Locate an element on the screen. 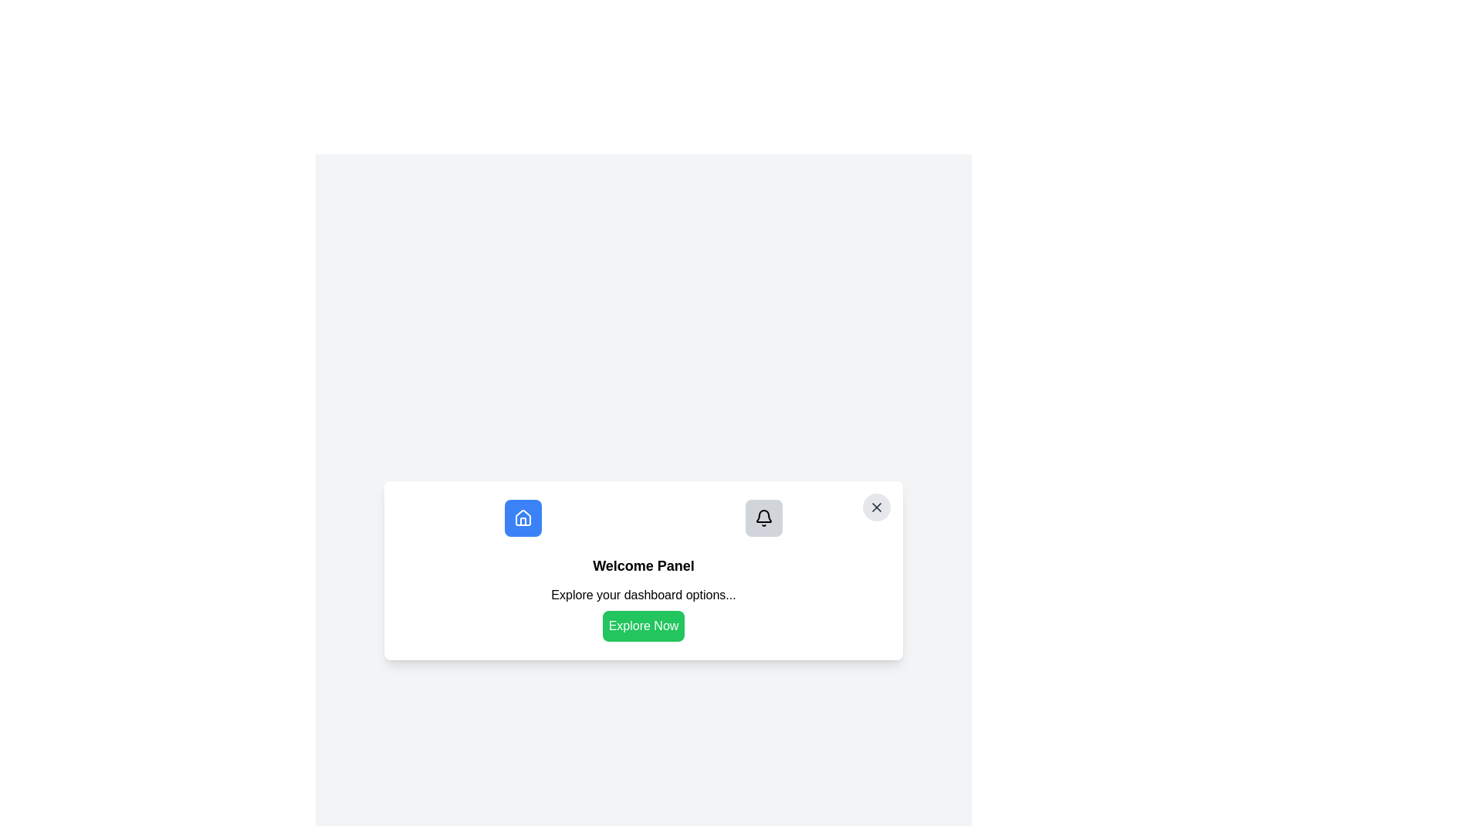 Image resolution: width=1482 pixels, height=833 pixels. the 'Welcome Panel' composite element which includes the title text 'Welcome Panel', descriptive text 'Explore your dashboard options...', and the green button 'Explore Now' is located at coordinates (644, 597).